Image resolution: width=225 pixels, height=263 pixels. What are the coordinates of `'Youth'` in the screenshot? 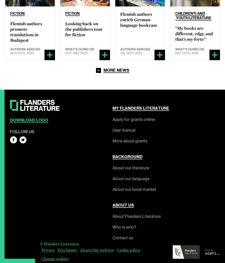 It's located at (181, 18).